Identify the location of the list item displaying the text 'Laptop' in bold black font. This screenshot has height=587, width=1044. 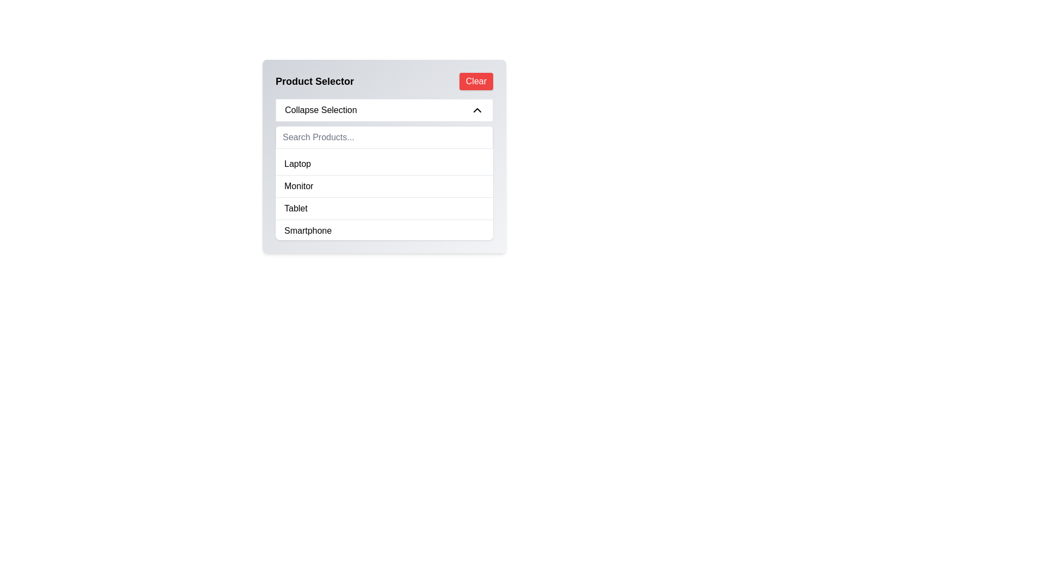
(297, 164).